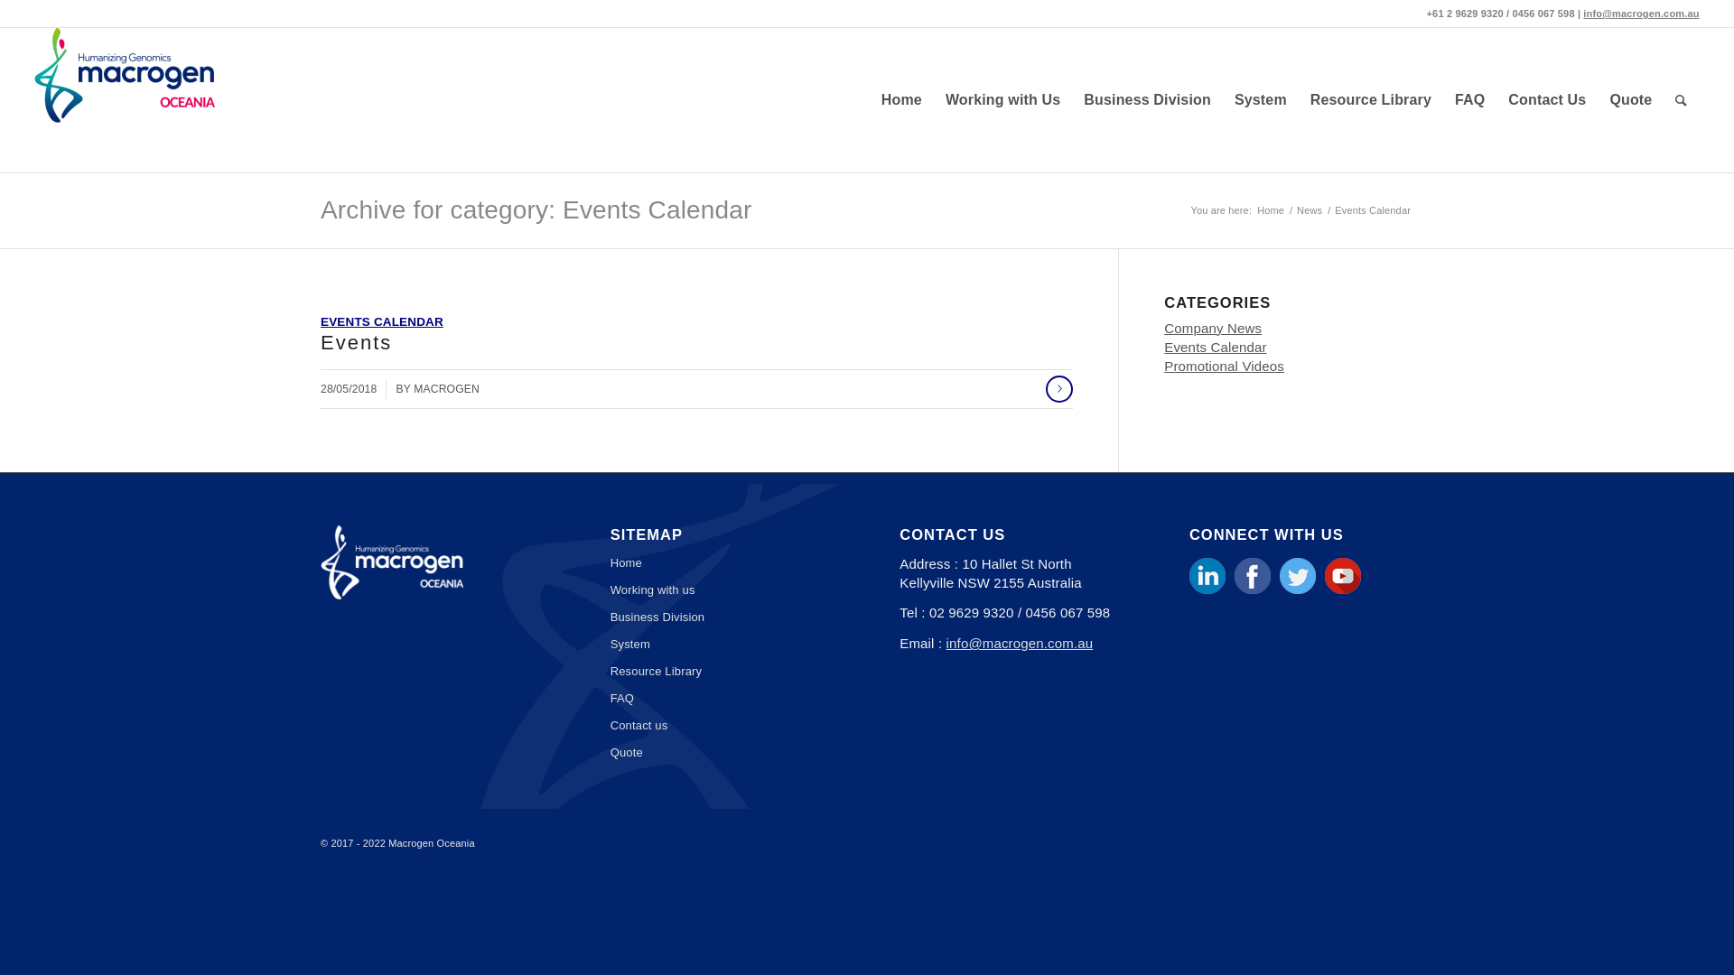  I want to click on 'News', so click(1309, 209).